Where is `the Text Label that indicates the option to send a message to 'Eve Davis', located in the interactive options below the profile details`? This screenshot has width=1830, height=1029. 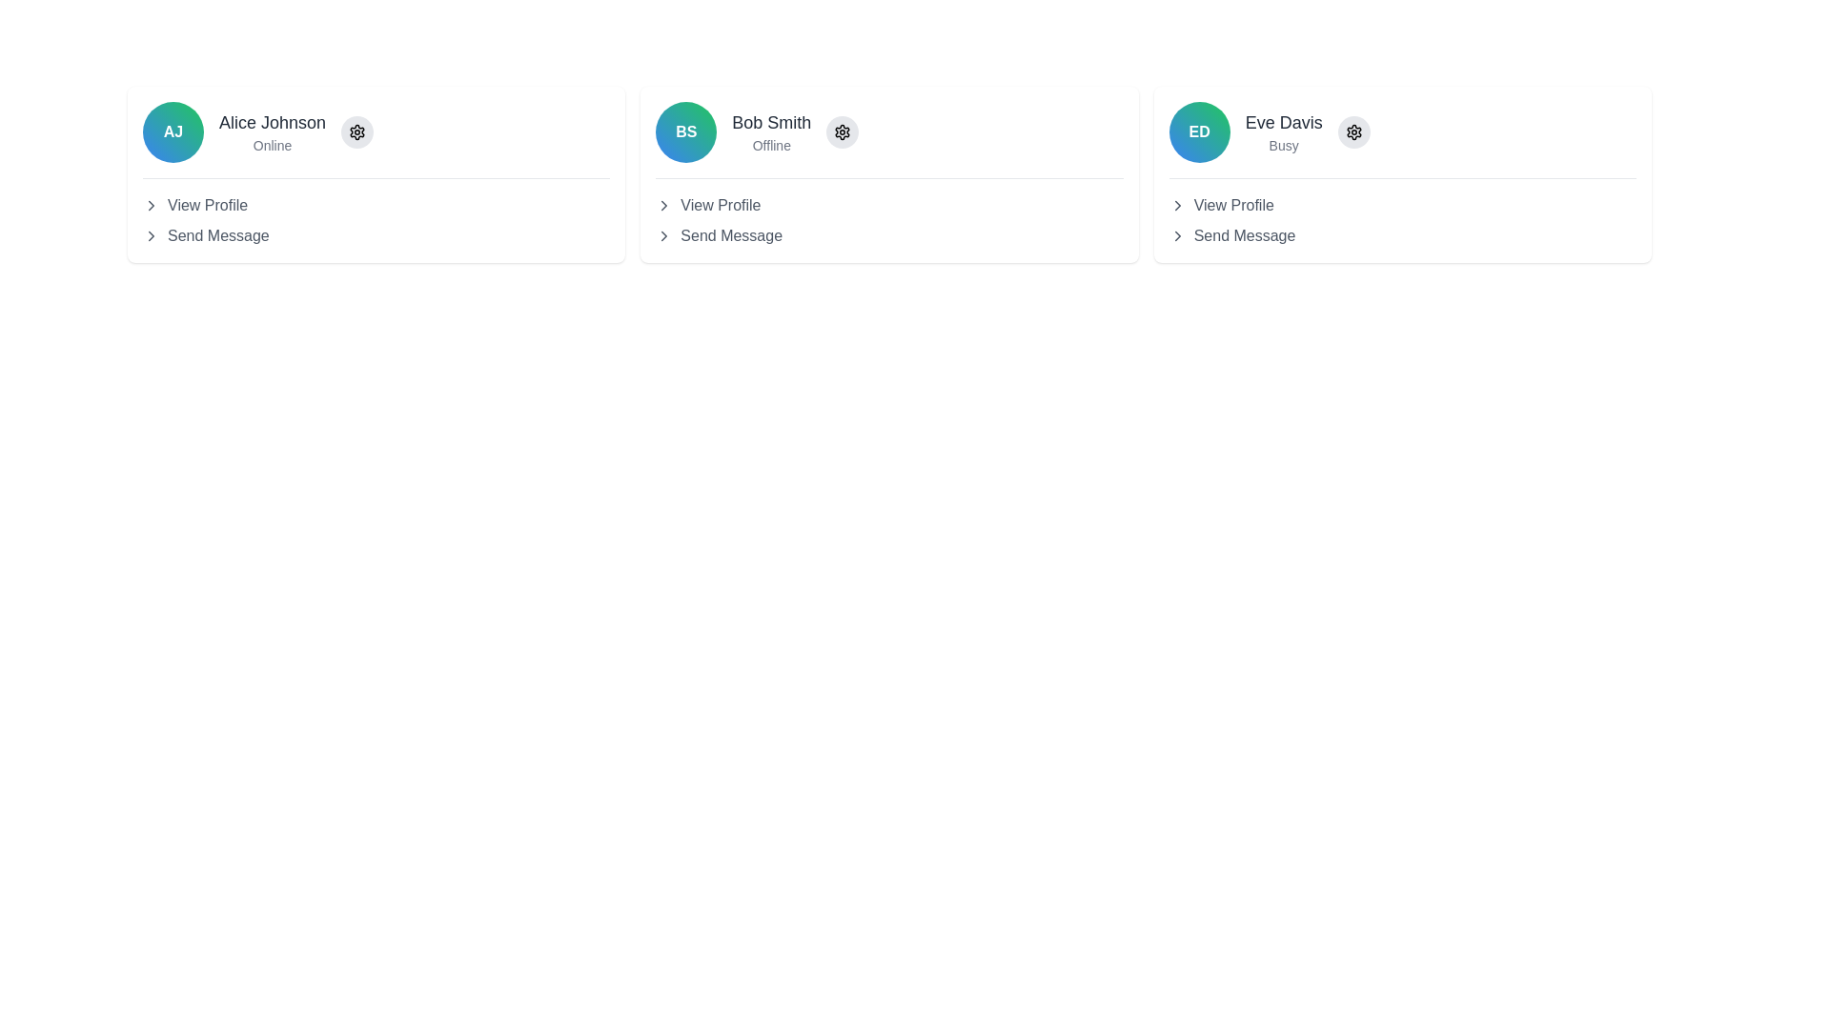
the Text Label that indicates the option to send a message to 'Eve Davis', located in the interactive options below the profile details is located at coordinates (1244, 234).